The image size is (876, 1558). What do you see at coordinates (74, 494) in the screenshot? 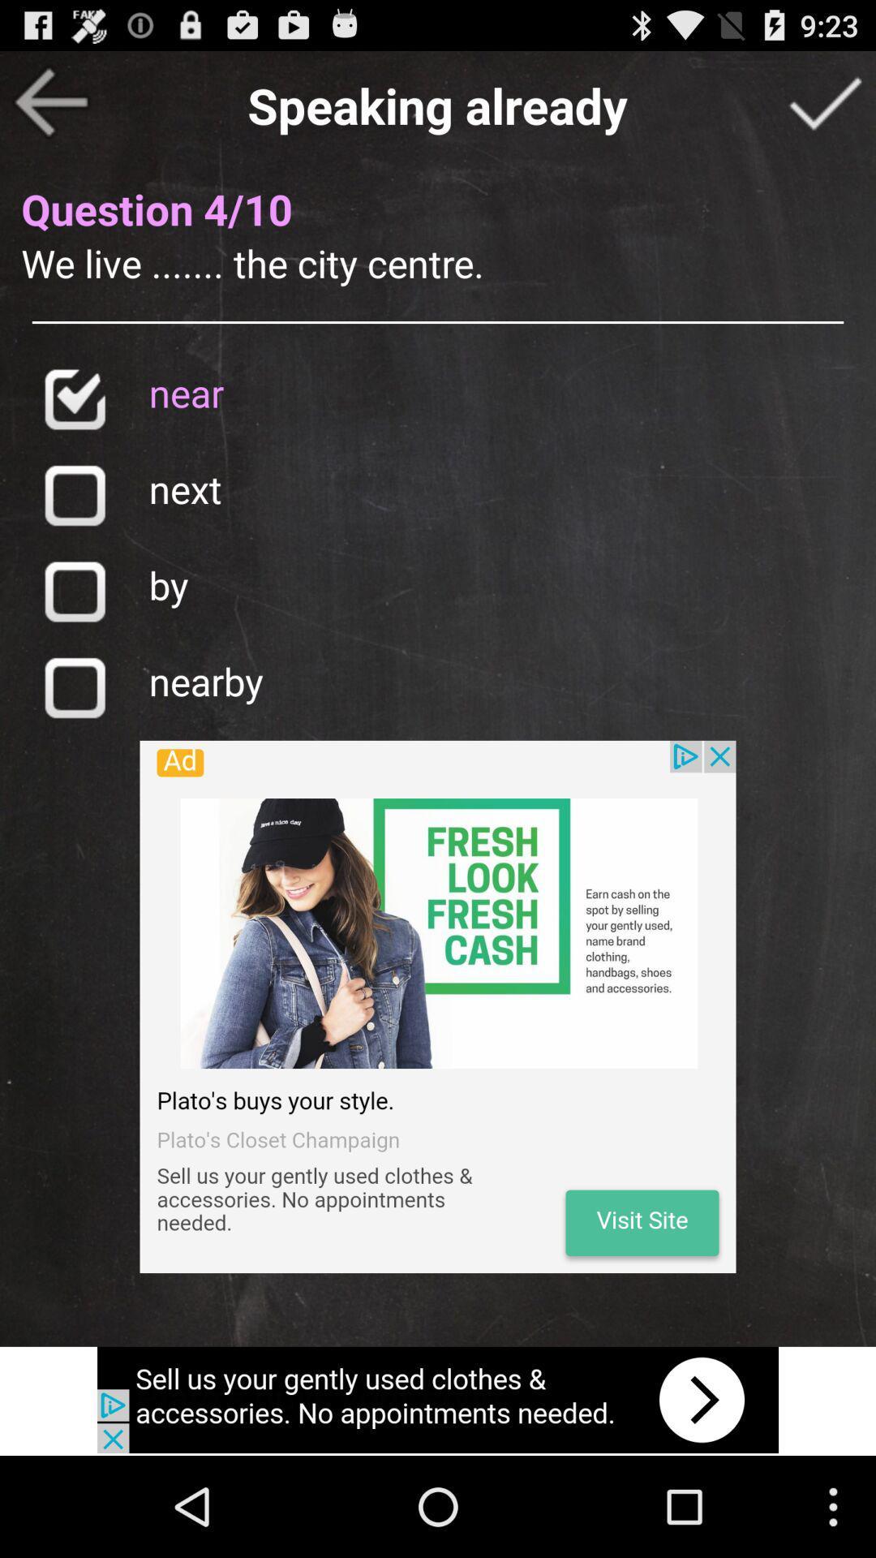
I see `next` at bounding box center [74, 494].